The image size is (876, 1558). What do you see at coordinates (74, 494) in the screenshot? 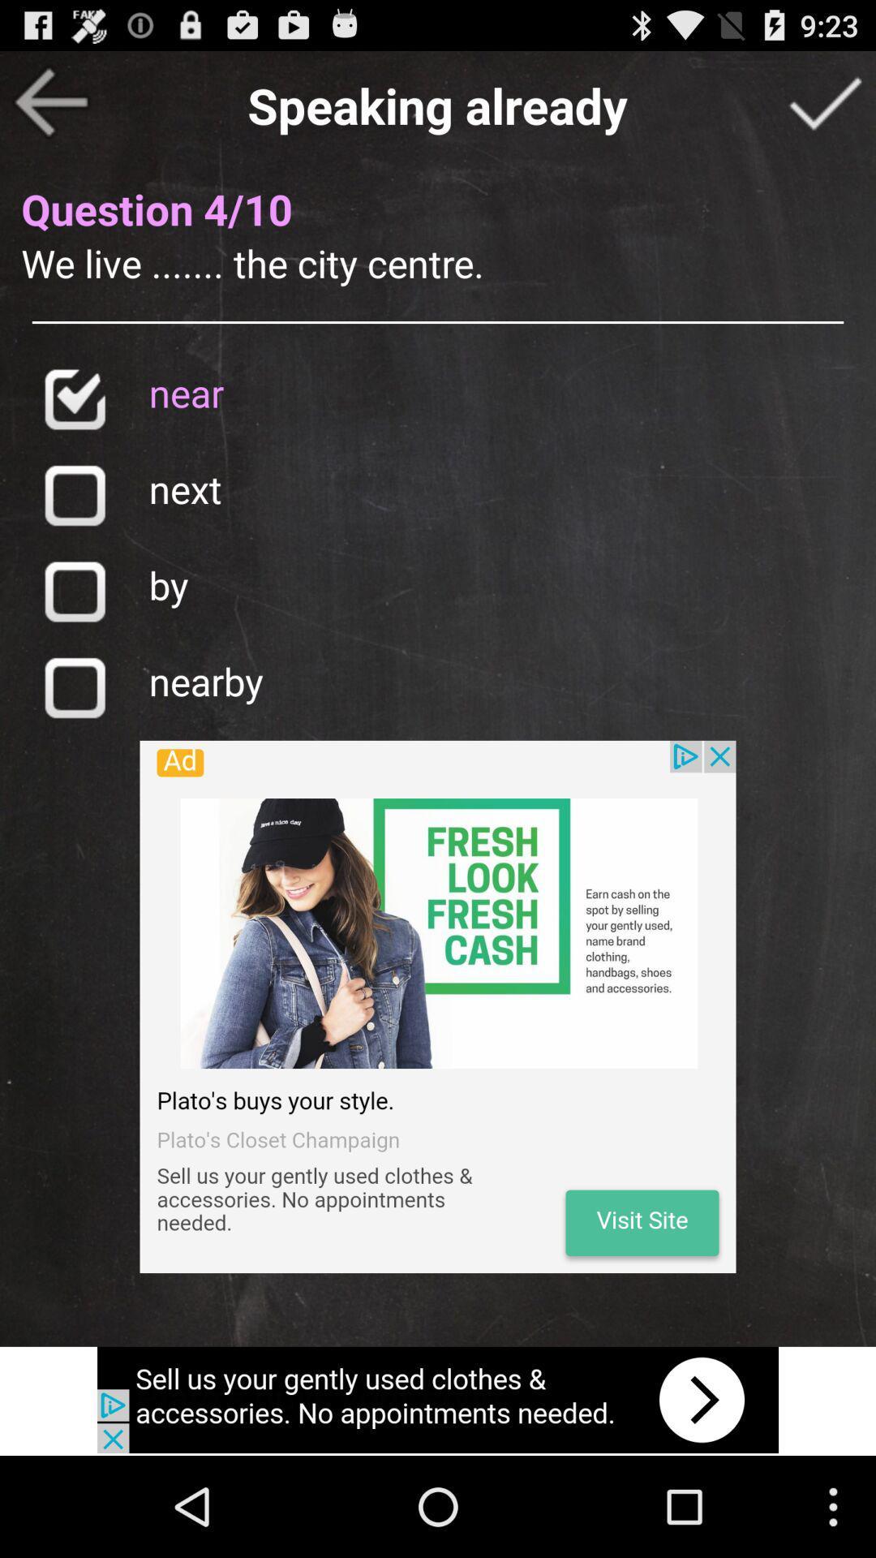
I see `next` at bounding box center [74, 494].